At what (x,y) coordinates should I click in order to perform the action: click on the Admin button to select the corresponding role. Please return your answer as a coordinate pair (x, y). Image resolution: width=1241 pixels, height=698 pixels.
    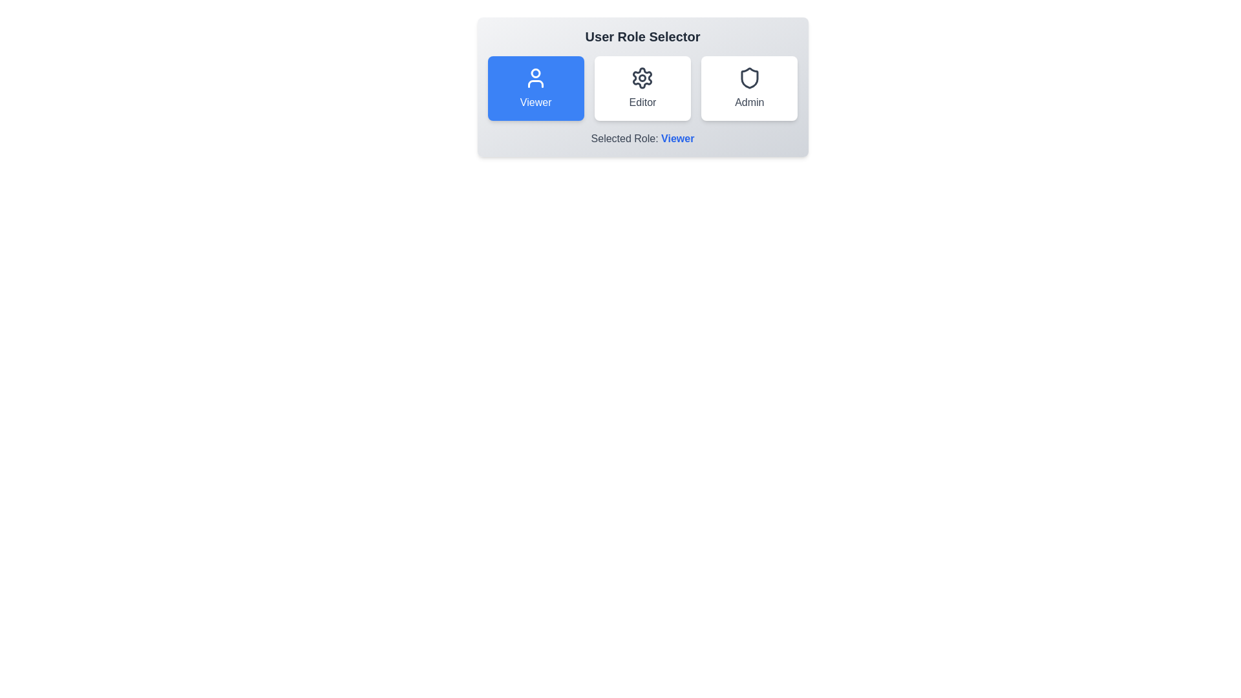
    Looking at the image, I should click on (748, 88).